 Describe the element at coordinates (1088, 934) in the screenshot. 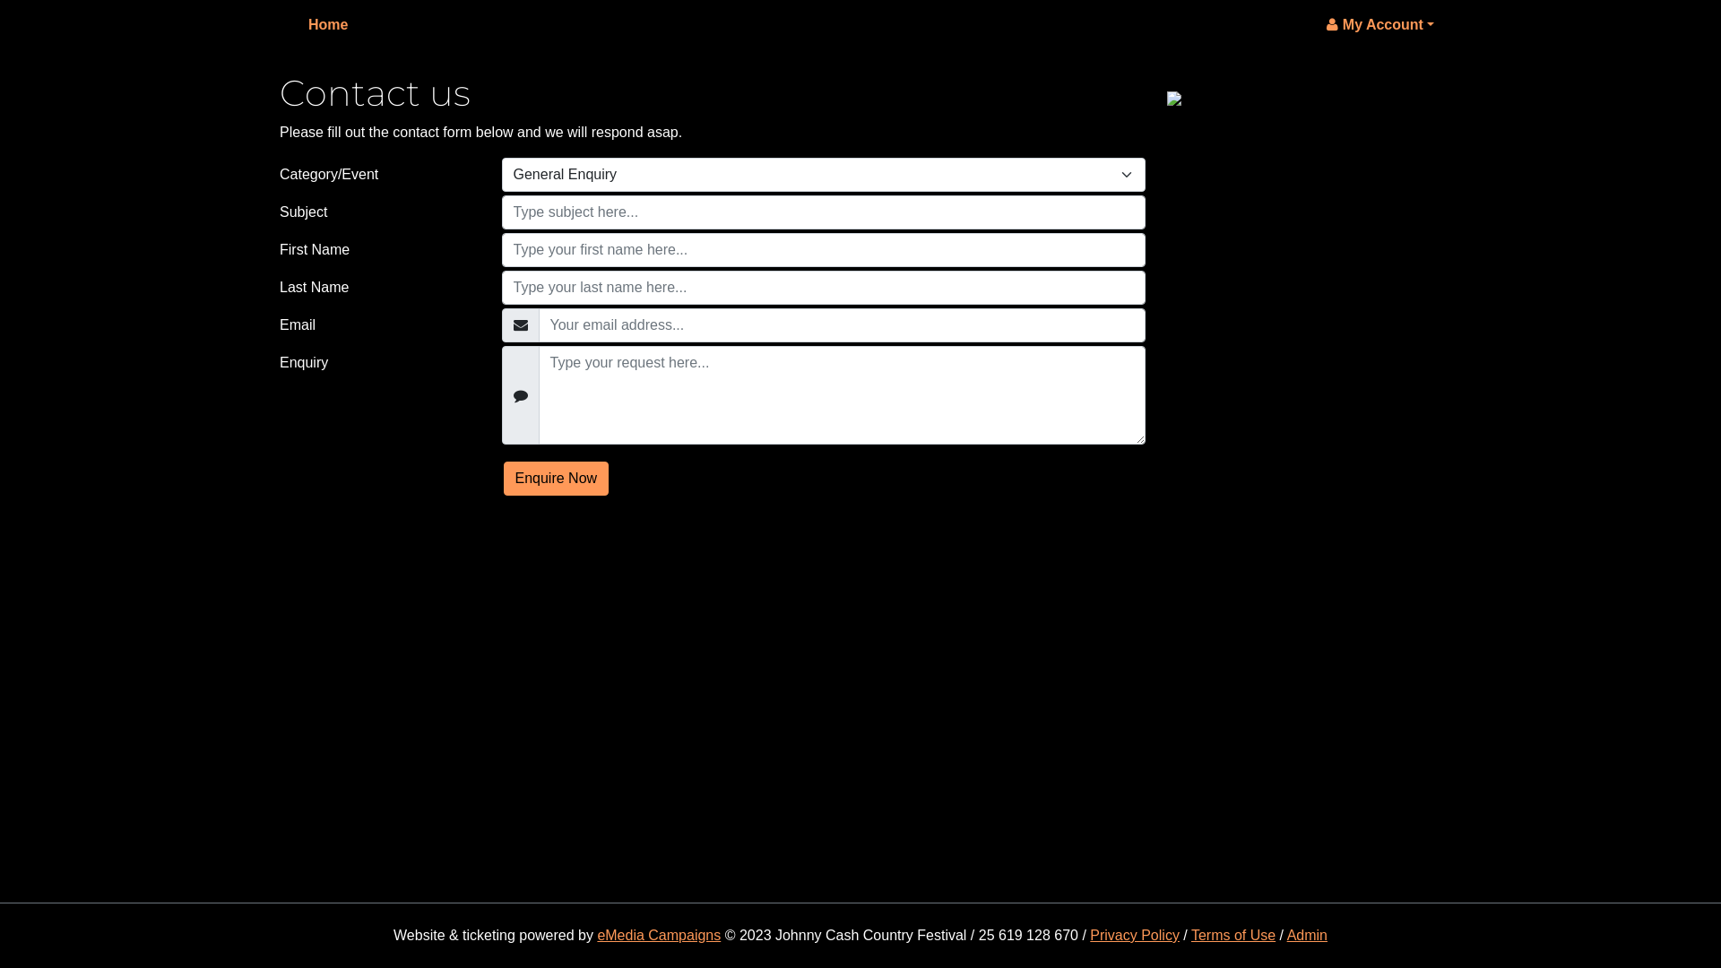

I see `'Privacy Policy'` at that location.